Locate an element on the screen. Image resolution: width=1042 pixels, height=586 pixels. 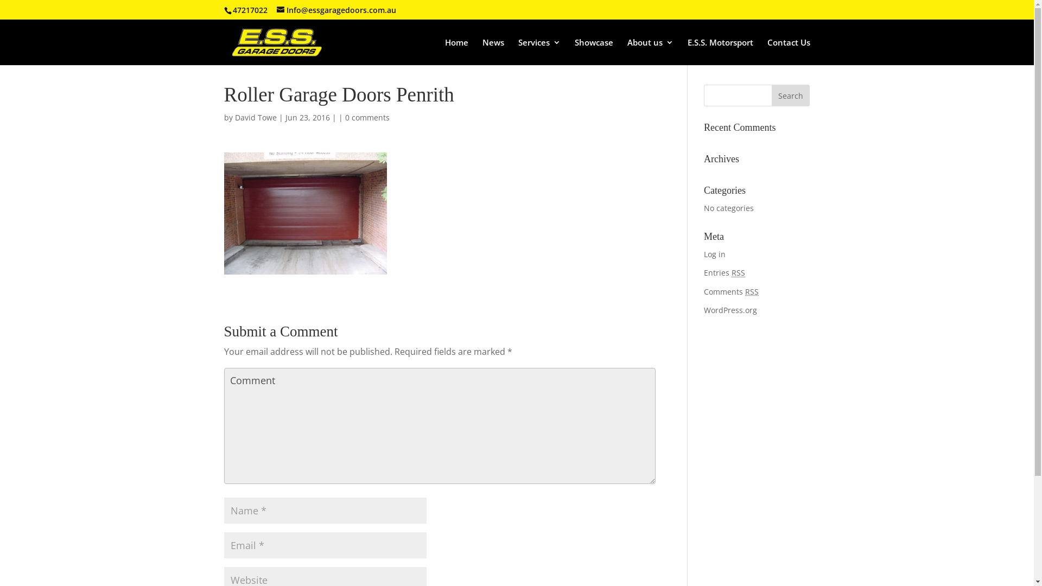
'Log in' is located at coordinates (714, 254).